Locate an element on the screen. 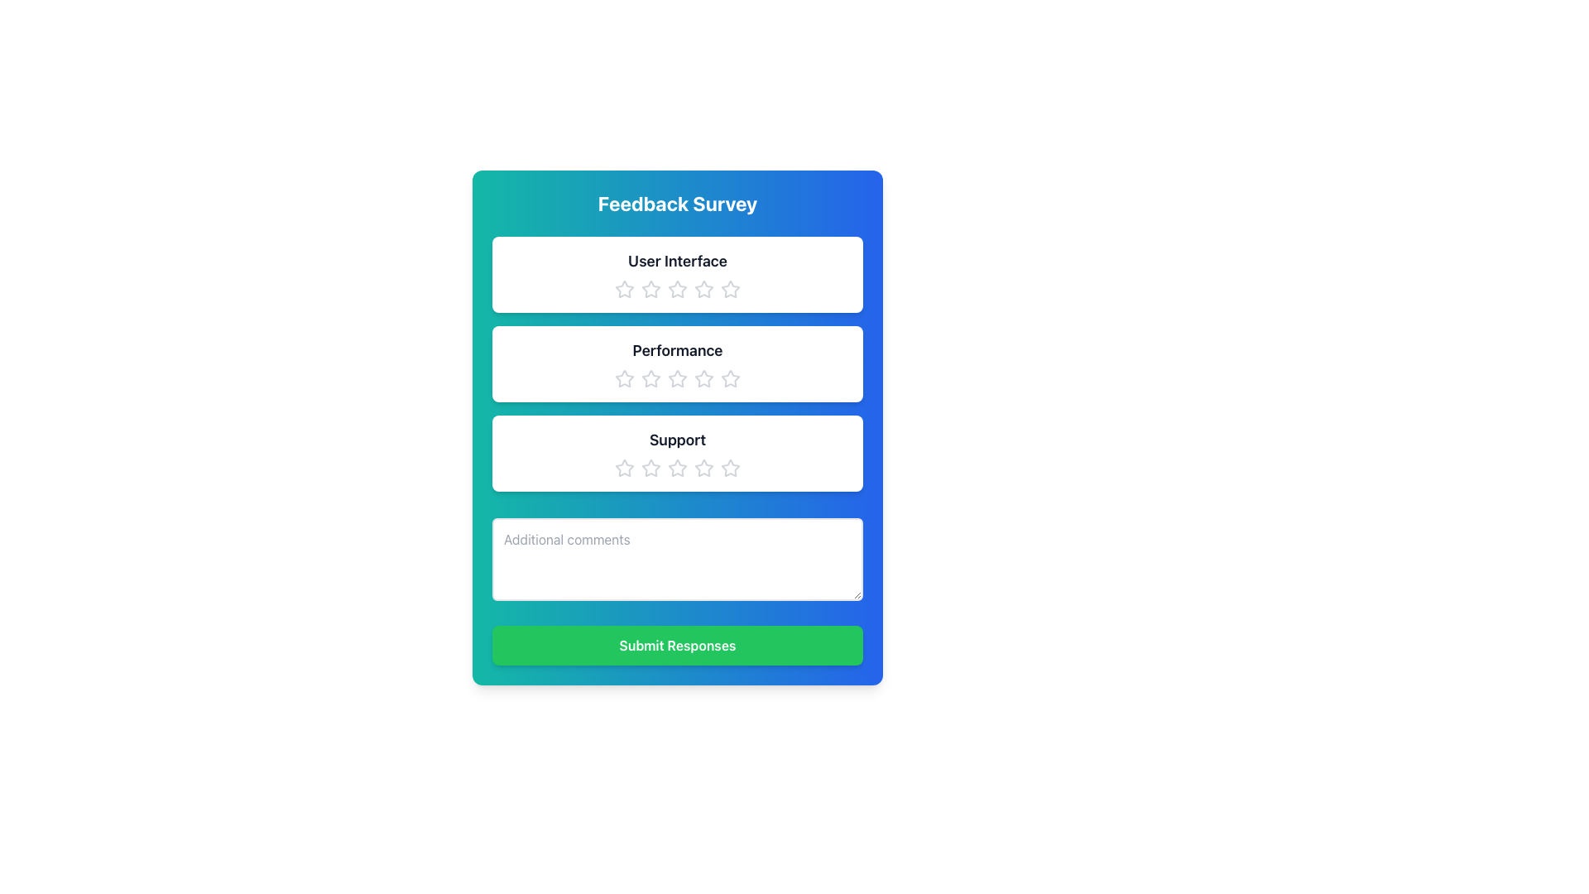 Image resolution: width=1589 pixels, height=894 pixels. the first star in the row under the 'Performance' heading in the feedback survey form to rate it is located at coordinates (623, 379).